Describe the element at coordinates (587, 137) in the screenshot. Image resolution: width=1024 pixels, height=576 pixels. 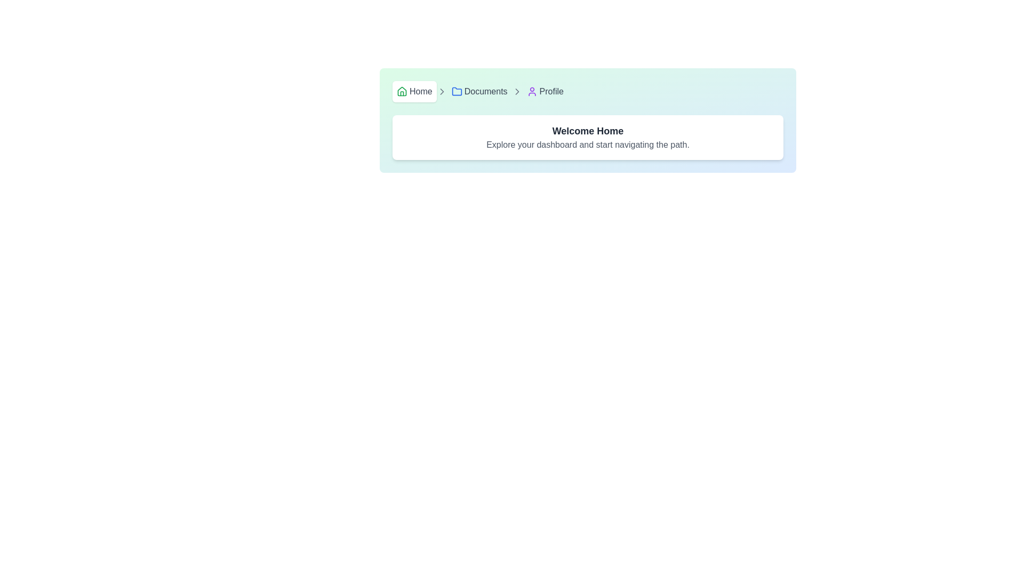
I see `the 'Welcome Home' text block, which is part of a white card with rounded corners and shadow effect, located in the middle of a light blue background` at that location.